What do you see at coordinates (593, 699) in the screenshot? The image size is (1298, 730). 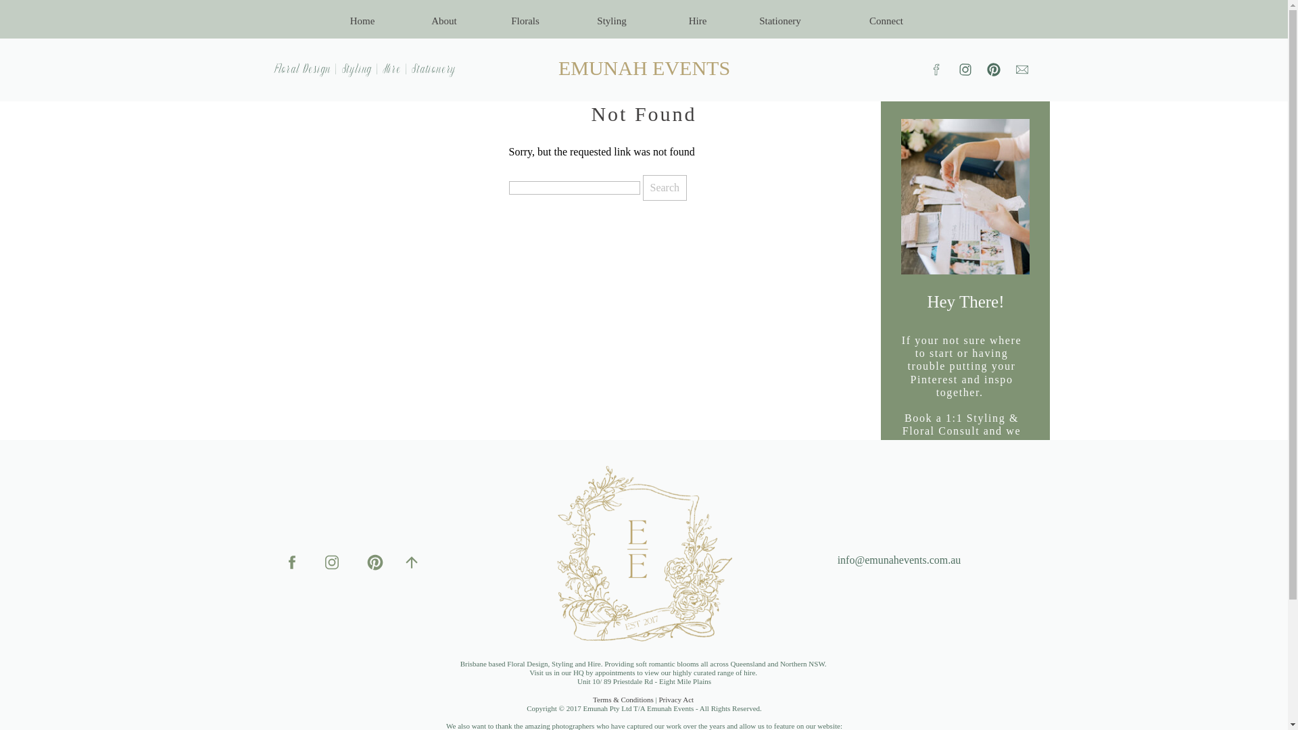 I see `'Terms & Conditions'` at bounding box center [593, 699].